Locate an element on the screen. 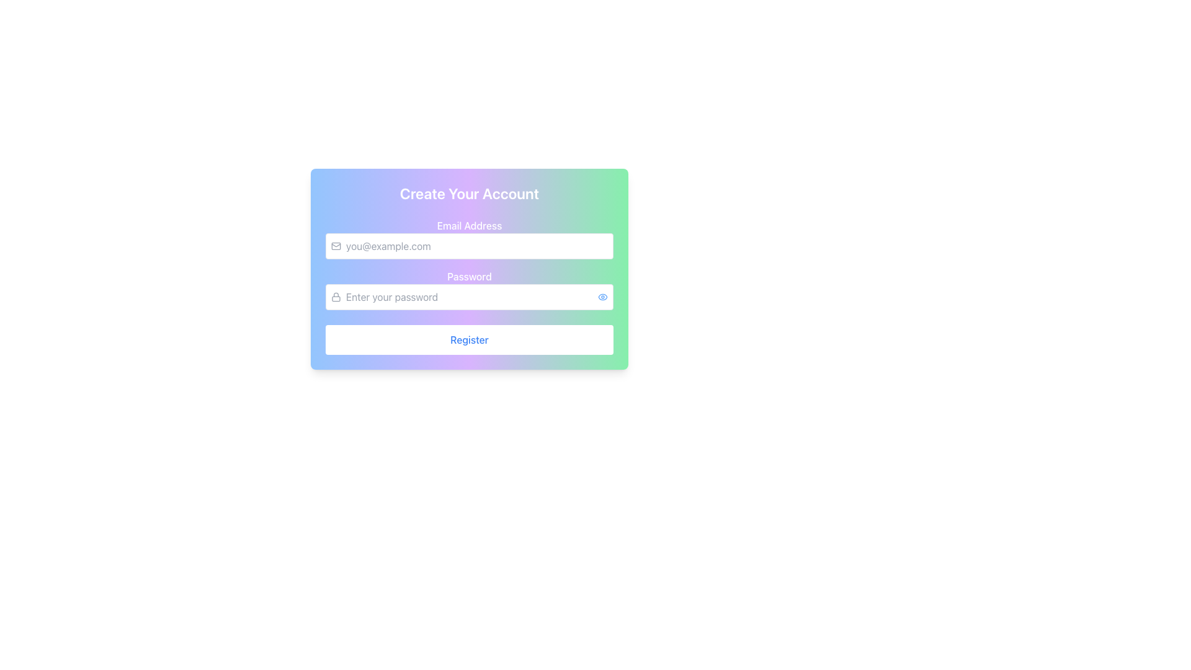 The width and height of the screenshot is (1191, 670). the lock icon located to the left of the password input field is located at coordinates (336, 297).